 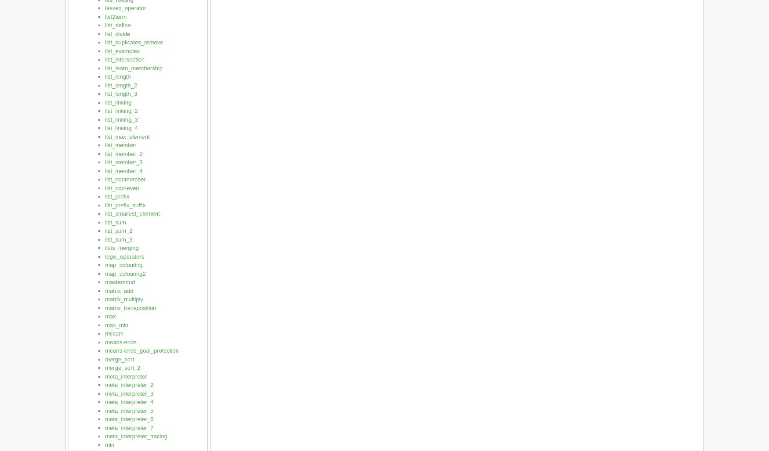 What do you see at coordinates (109, 444) in the screenshot?
I see `'min'` at bounding box center [109, 444].